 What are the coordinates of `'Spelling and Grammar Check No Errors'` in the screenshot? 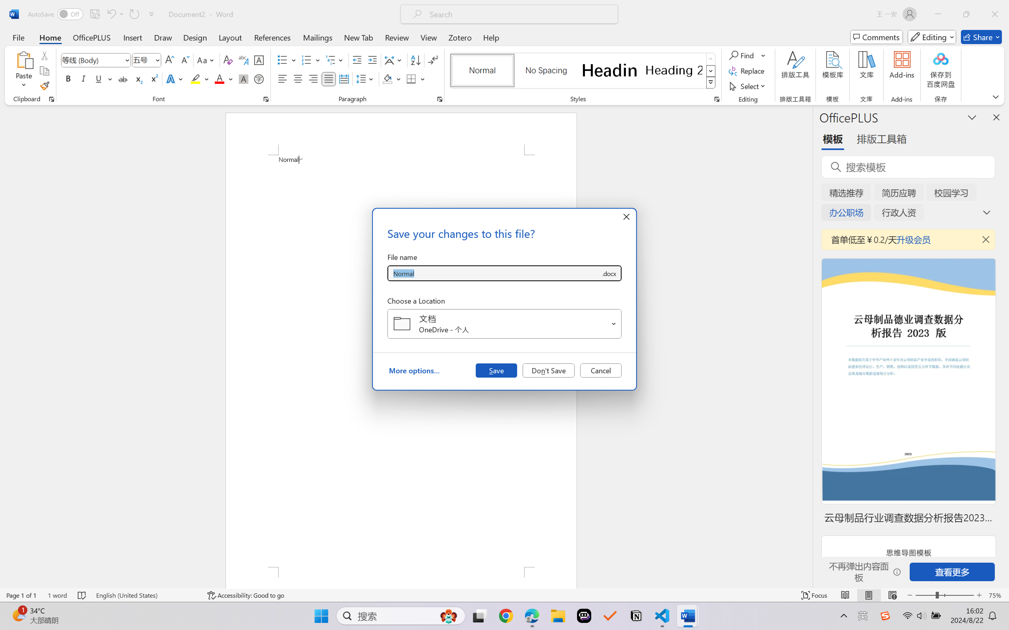 It's located at (82, 595).